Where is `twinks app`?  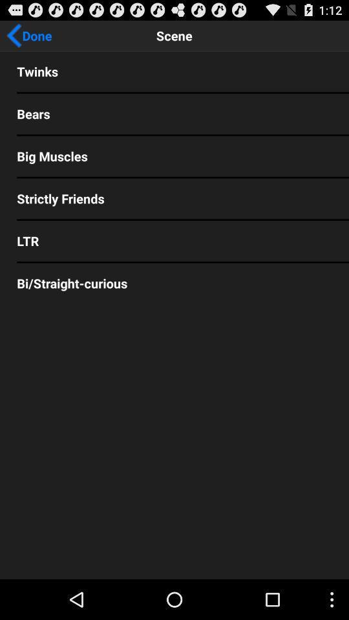
twinks app is located at coordinates (174, 71).